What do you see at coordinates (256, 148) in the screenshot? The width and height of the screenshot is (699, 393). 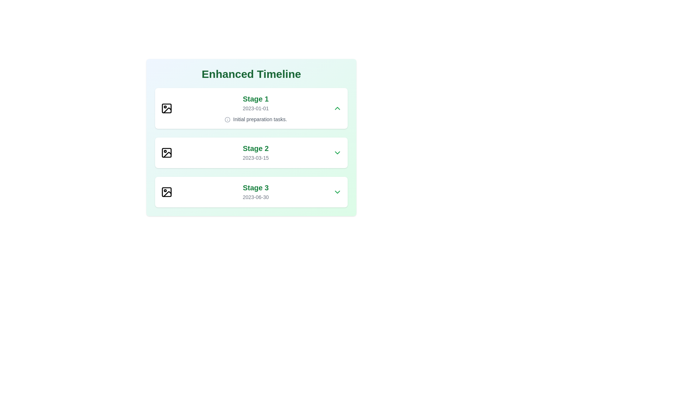 I see `text label displaying 'Stage 2', which is styled in bold green font and serves as a title for the section` at bounding box center [256, 148].